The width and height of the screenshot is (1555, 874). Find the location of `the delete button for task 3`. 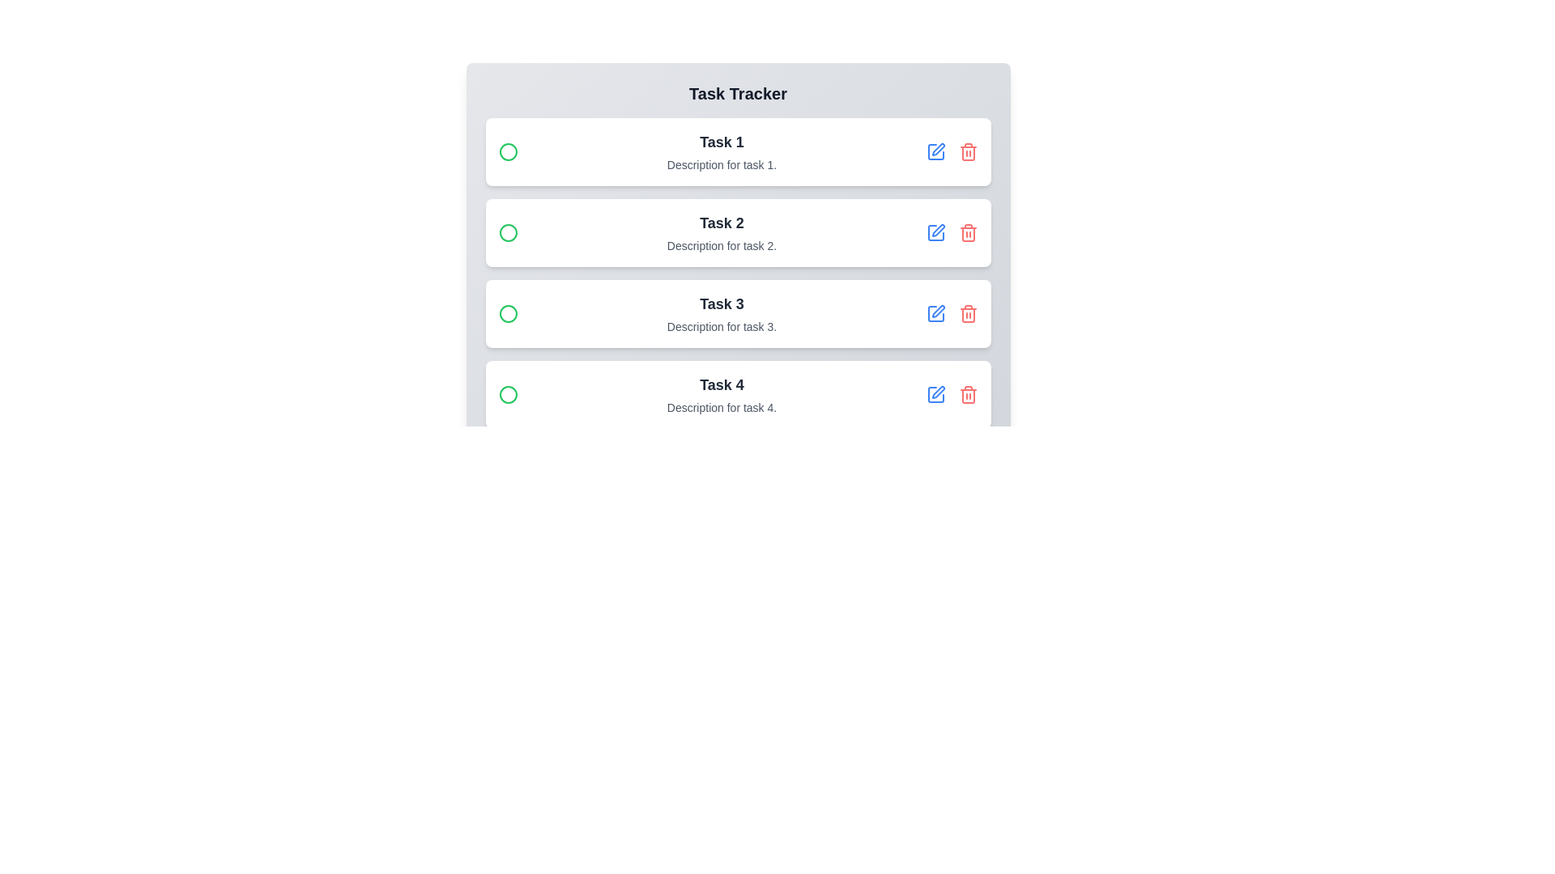

the delete button for task 3 is located at coordinates (968, 314).